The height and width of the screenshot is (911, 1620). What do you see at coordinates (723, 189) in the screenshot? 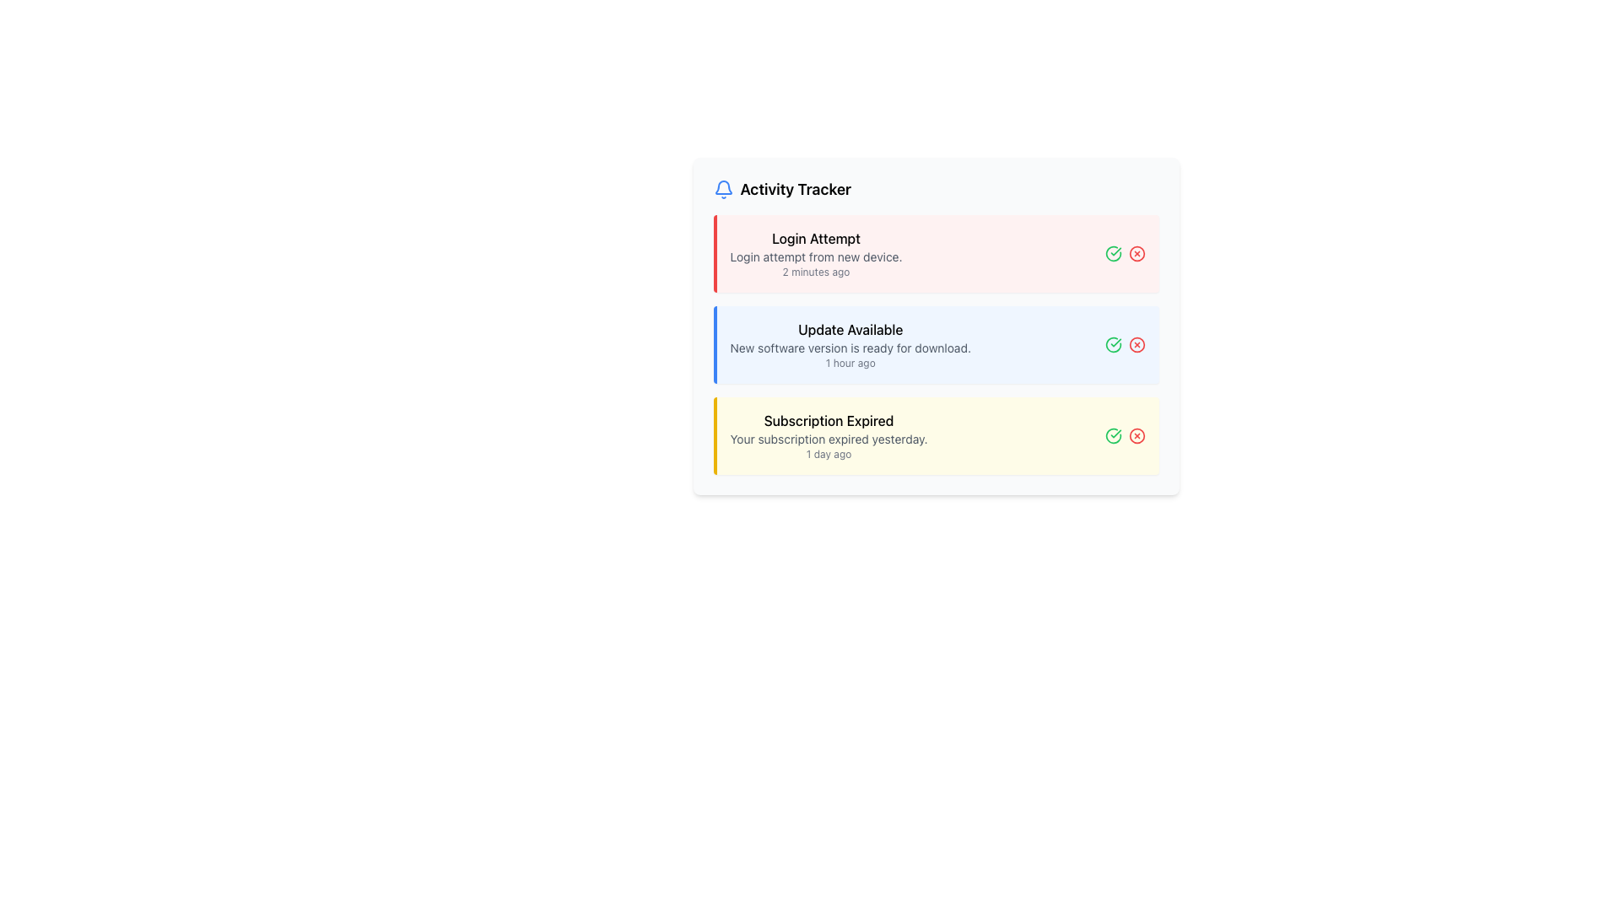
I see `the bell icon representing notifications for the 'Activity Tracker', located` at bounding box center [723, 189].